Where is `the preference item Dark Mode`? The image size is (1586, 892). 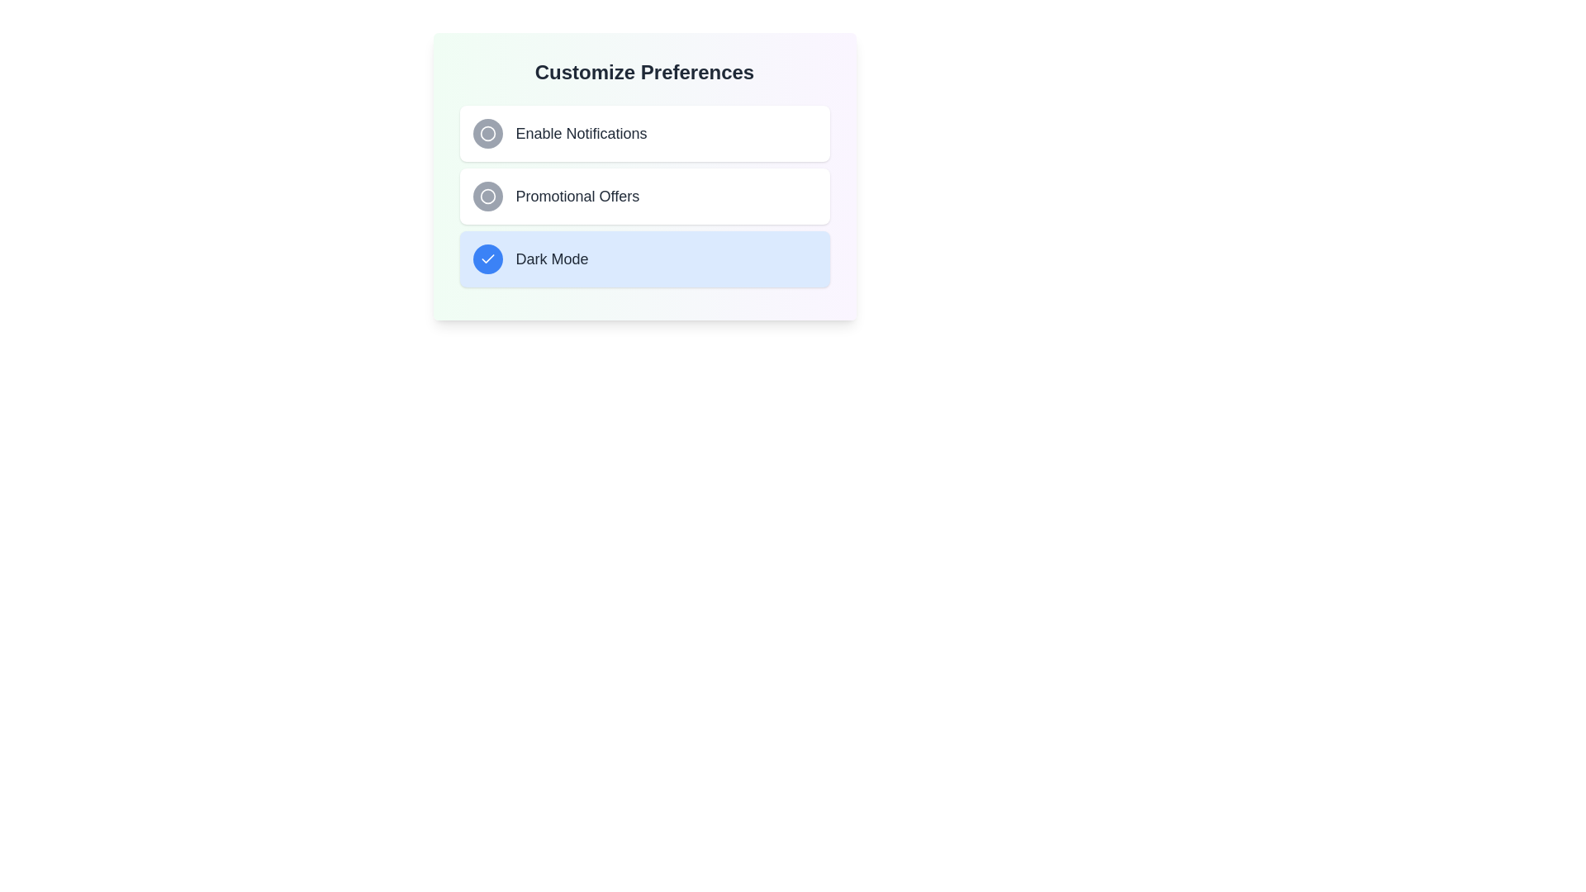
the preference item Dark Mode is located at coordinates (643, 259).